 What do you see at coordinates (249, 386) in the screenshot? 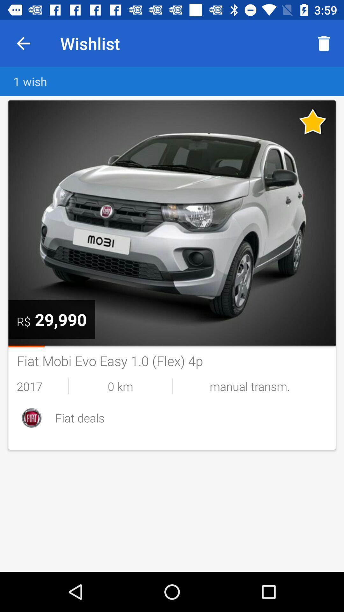
I see `manual transm.` at bounding box center [249, 386].